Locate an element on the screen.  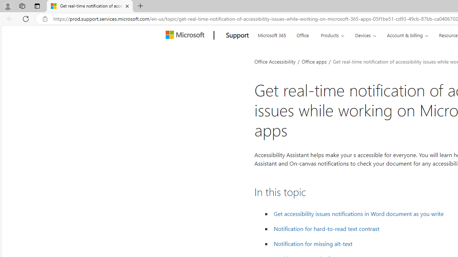
'Support' is located at coordinates (237, 35).